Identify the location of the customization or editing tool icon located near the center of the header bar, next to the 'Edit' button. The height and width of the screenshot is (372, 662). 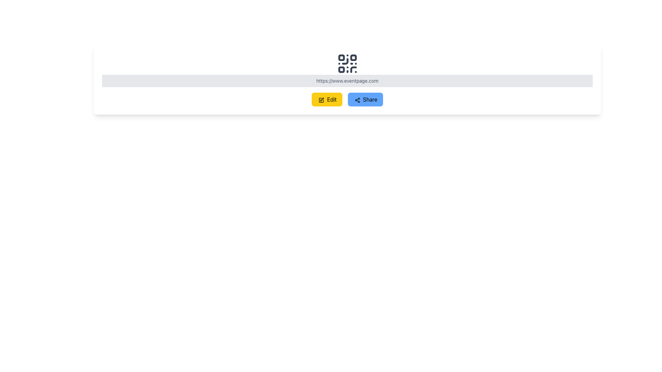
(322, 99).